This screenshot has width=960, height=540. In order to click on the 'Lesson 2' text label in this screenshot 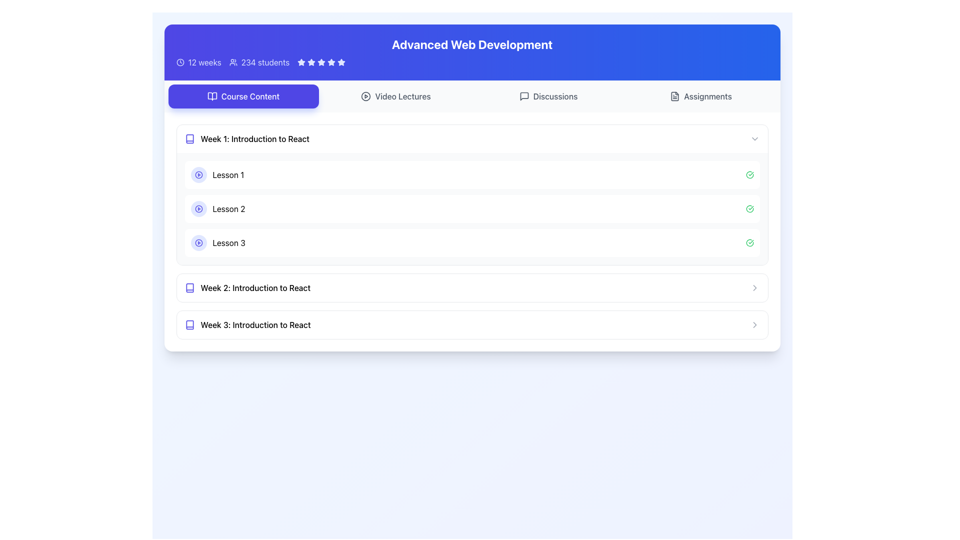, I will do `click(217, 208)`.